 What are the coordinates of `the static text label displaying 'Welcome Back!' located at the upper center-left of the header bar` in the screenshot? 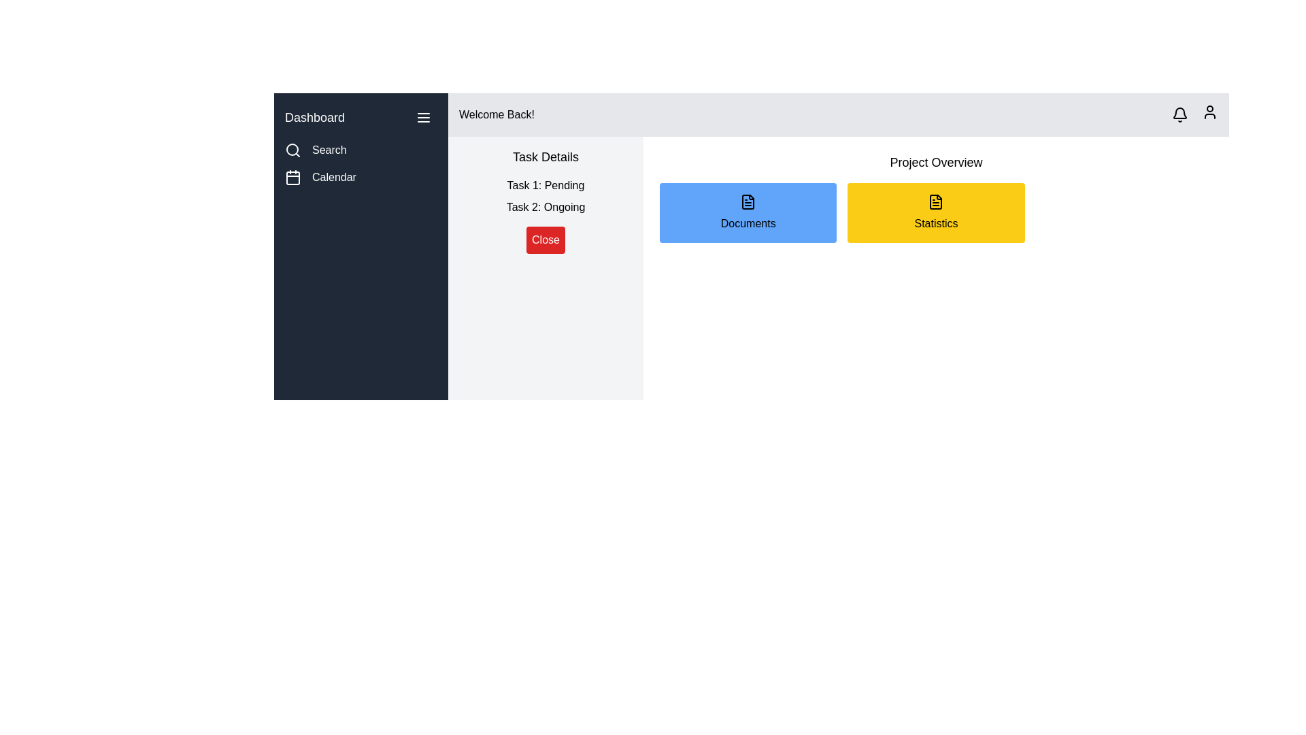 It's located at (496, 114).